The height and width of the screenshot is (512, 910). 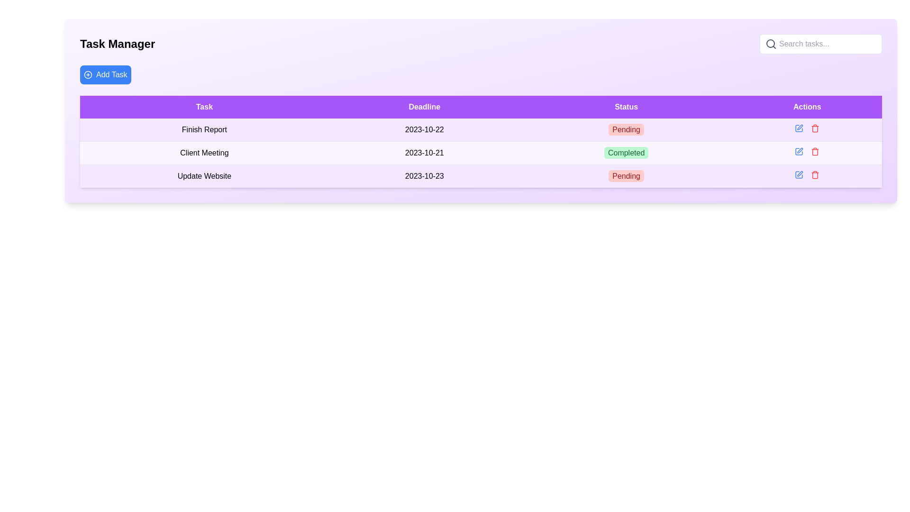 What do you see at coordinates (626, 152) in the screenshot?
I see `the 'Completed' label in the 'Status' column of the task manager table, which is a rectangular label with a light green background and dark green text, located in the second row corresponding to the 'Client Meeting' task` at bounding box center [626, 152].